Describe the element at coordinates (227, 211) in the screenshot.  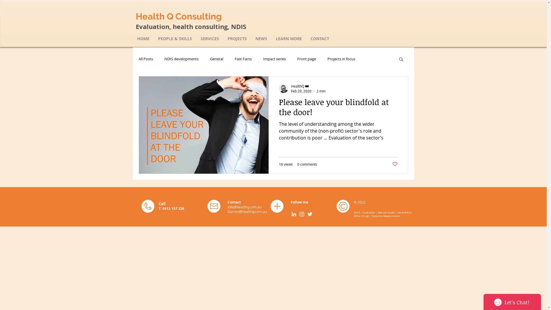
I see `'Darren@healthq.com.au'` at that location.